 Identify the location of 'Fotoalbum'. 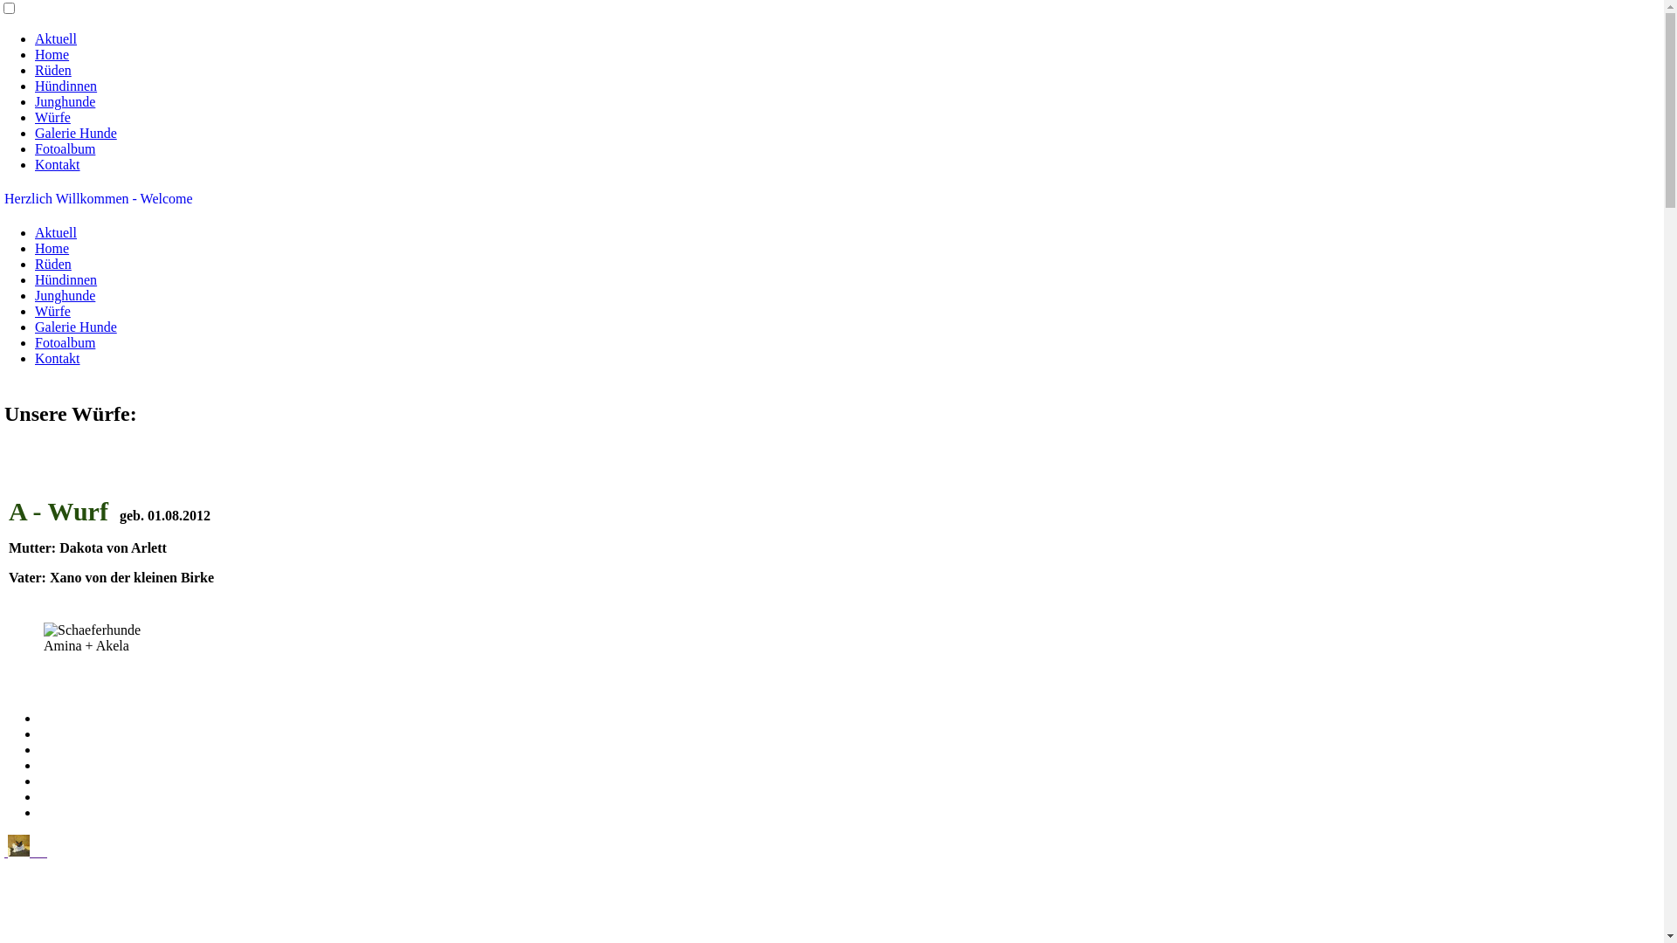
(65, 148).